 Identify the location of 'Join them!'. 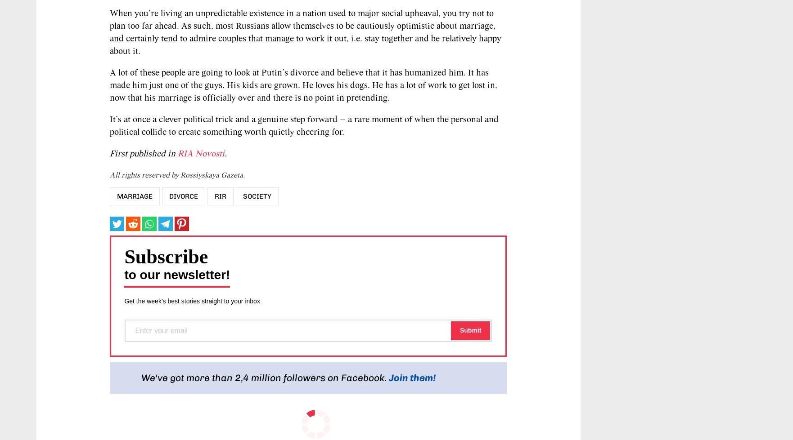
(412, 377).